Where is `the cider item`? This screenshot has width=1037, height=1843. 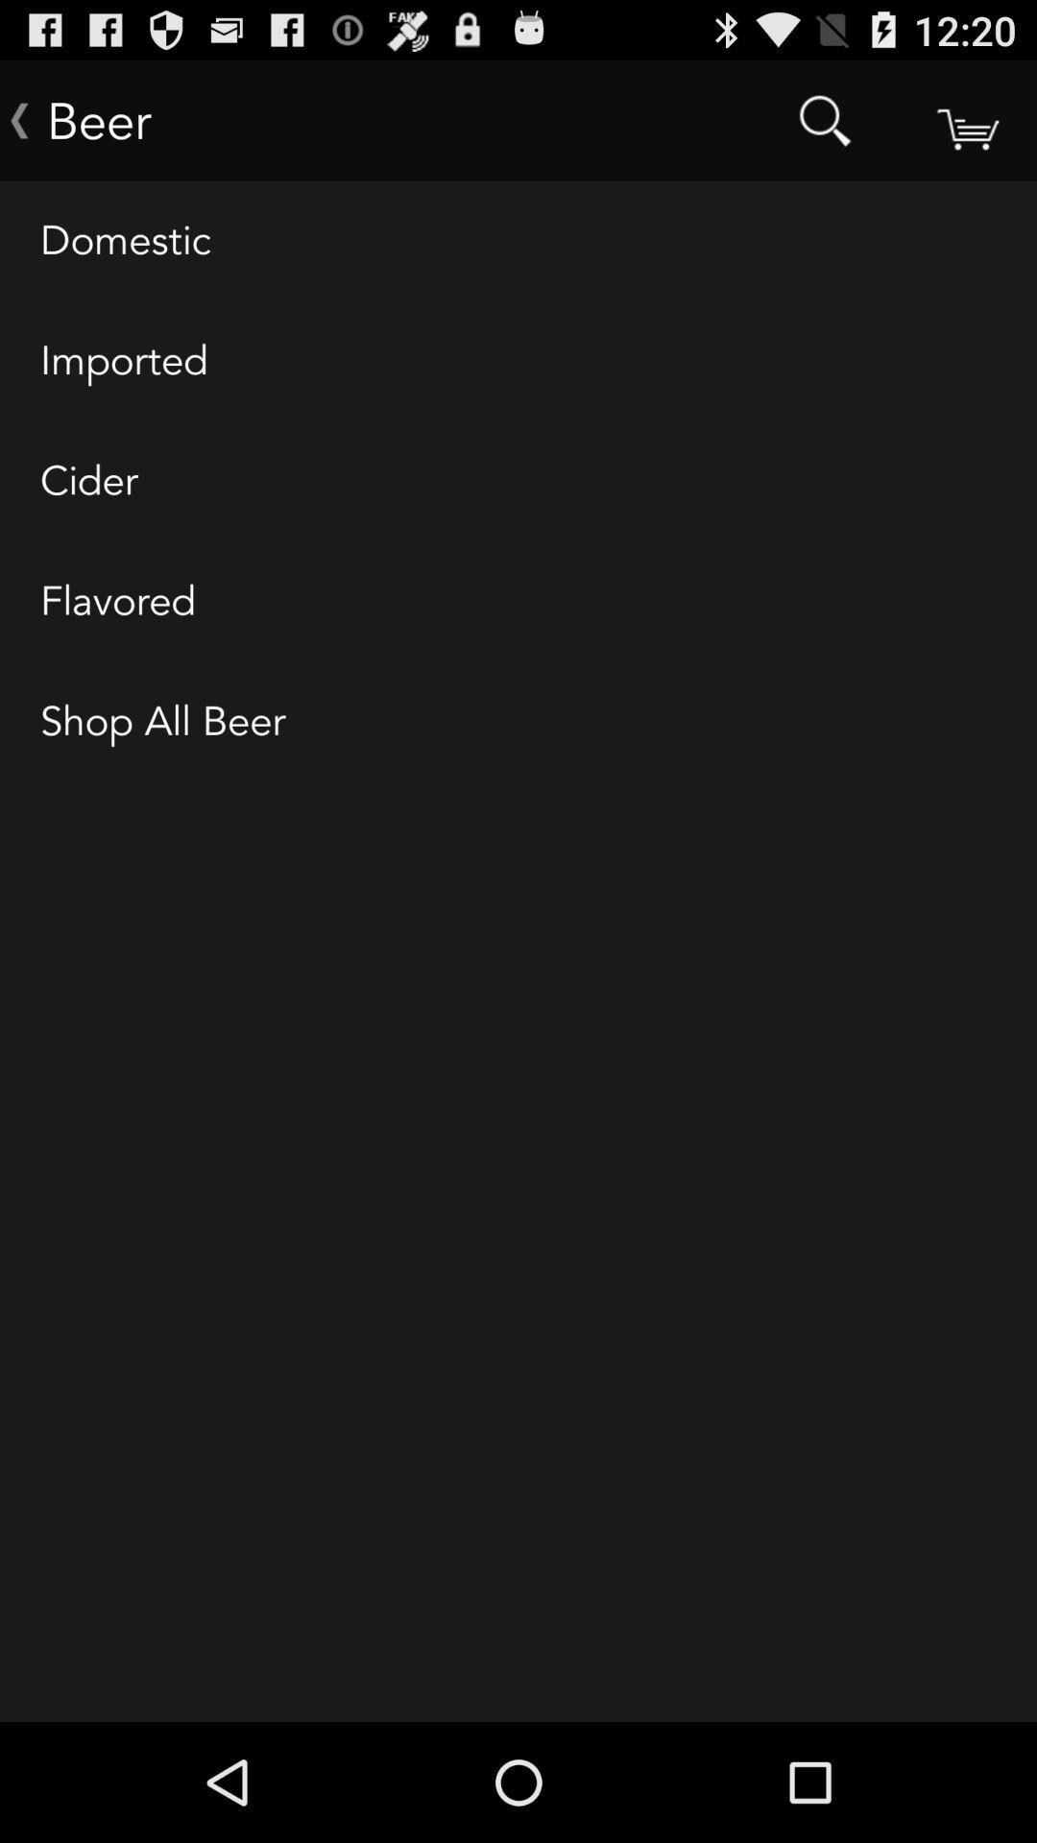 the cider item is located at coordinates (518, 482).